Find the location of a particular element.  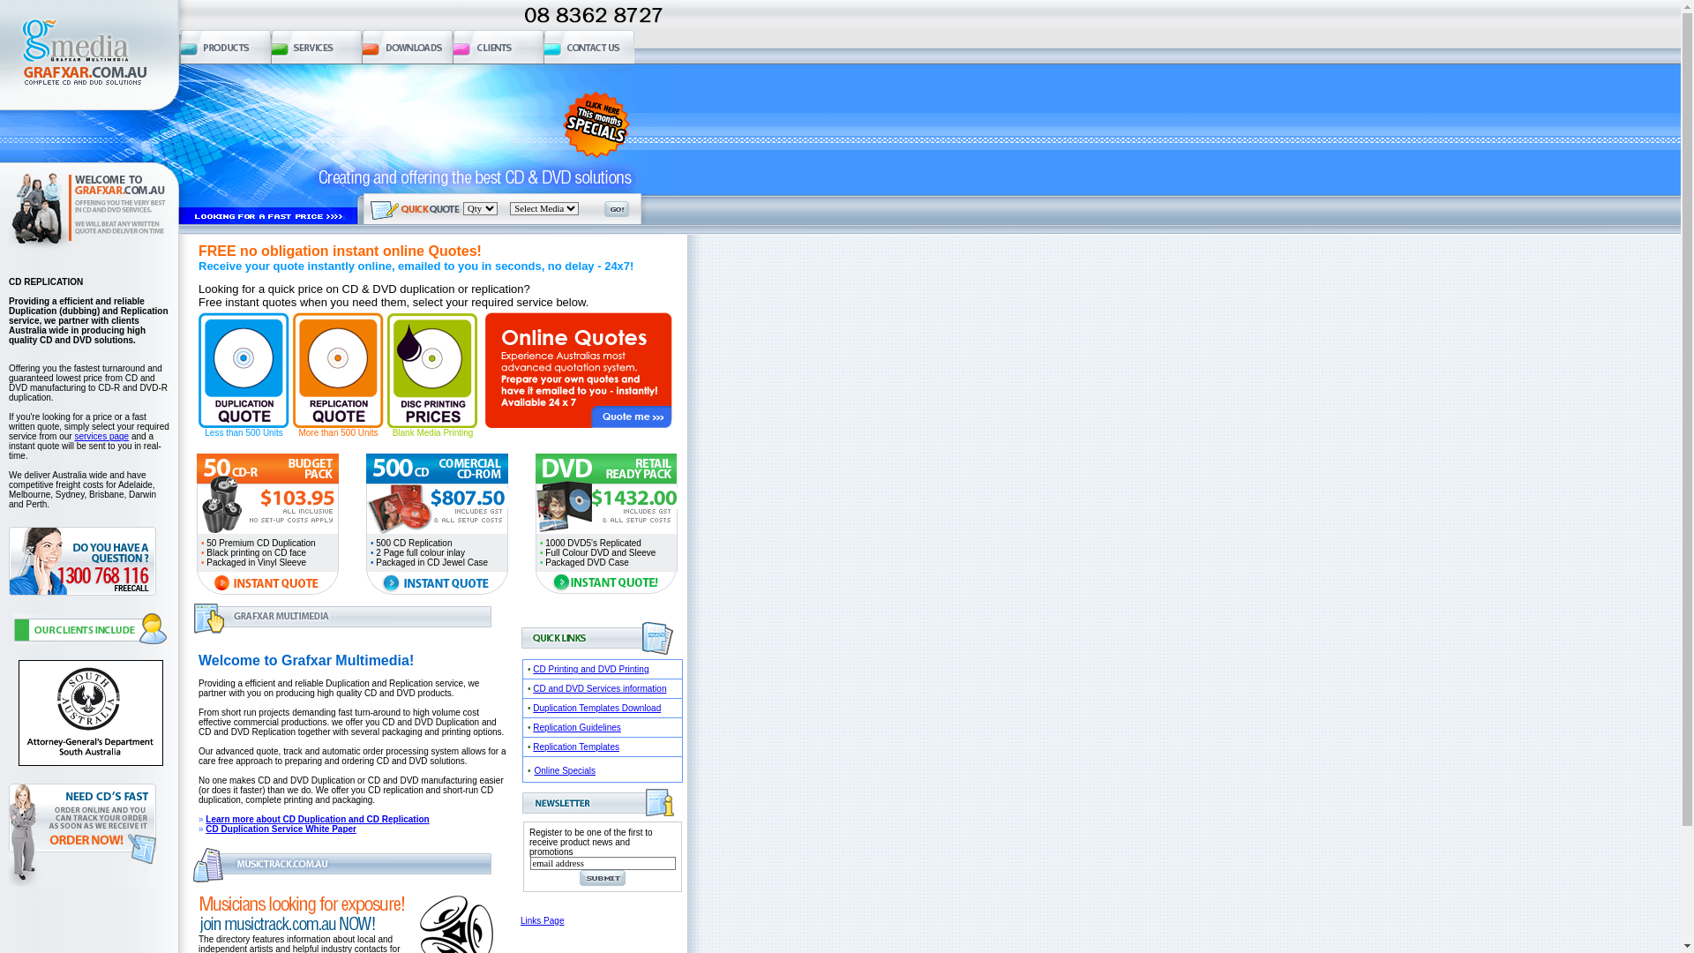

'Links Page' is located at coordinates (541, 919).